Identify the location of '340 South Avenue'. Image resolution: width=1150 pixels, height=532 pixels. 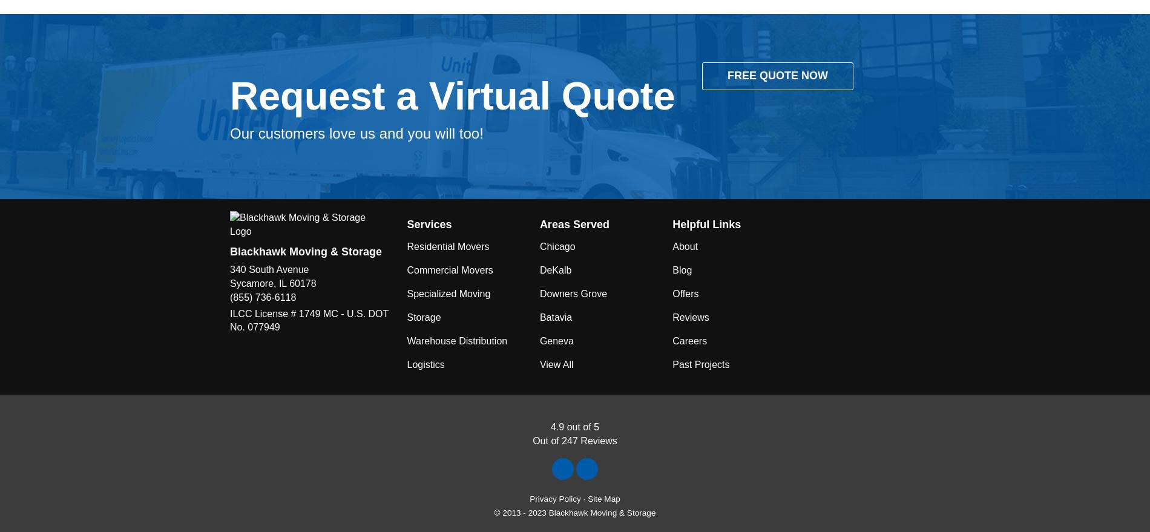
(268, 269).